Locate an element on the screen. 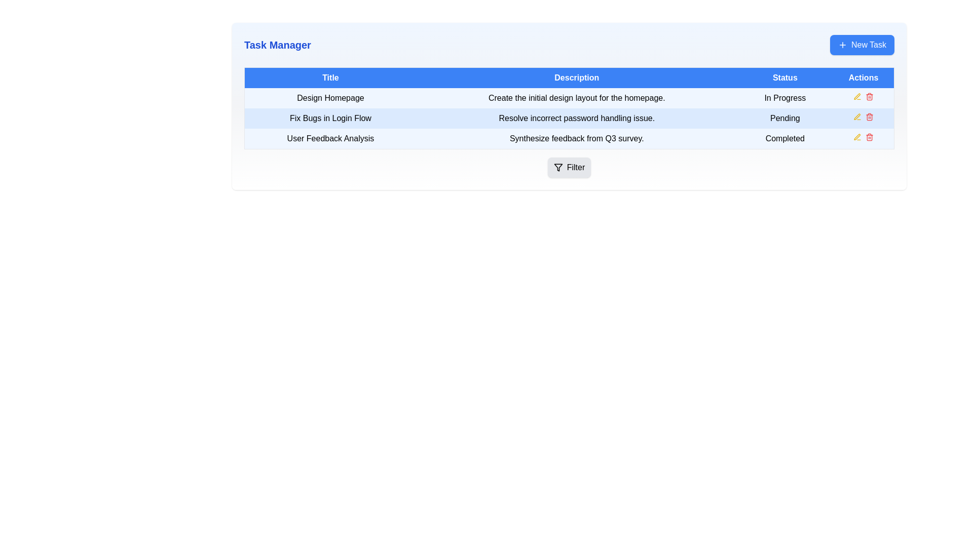 The width and height of the screenshot is (973, 547). the text element displaying 'Create the initial design layout for the homepage.' which is located in the 'Design Homepage' row under the Description column of the table is located at coordinates (577, 98).